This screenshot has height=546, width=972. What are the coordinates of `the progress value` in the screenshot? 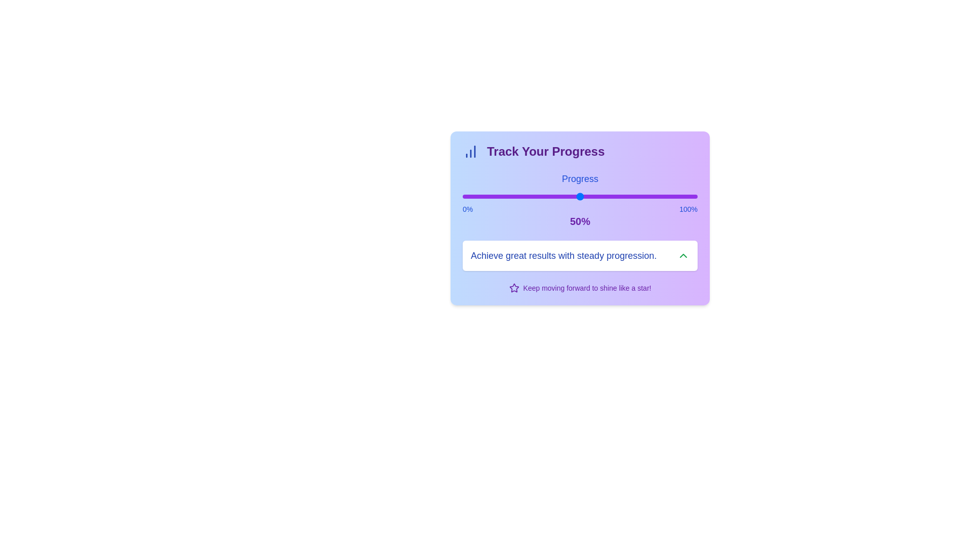 It's located at (509, 197).